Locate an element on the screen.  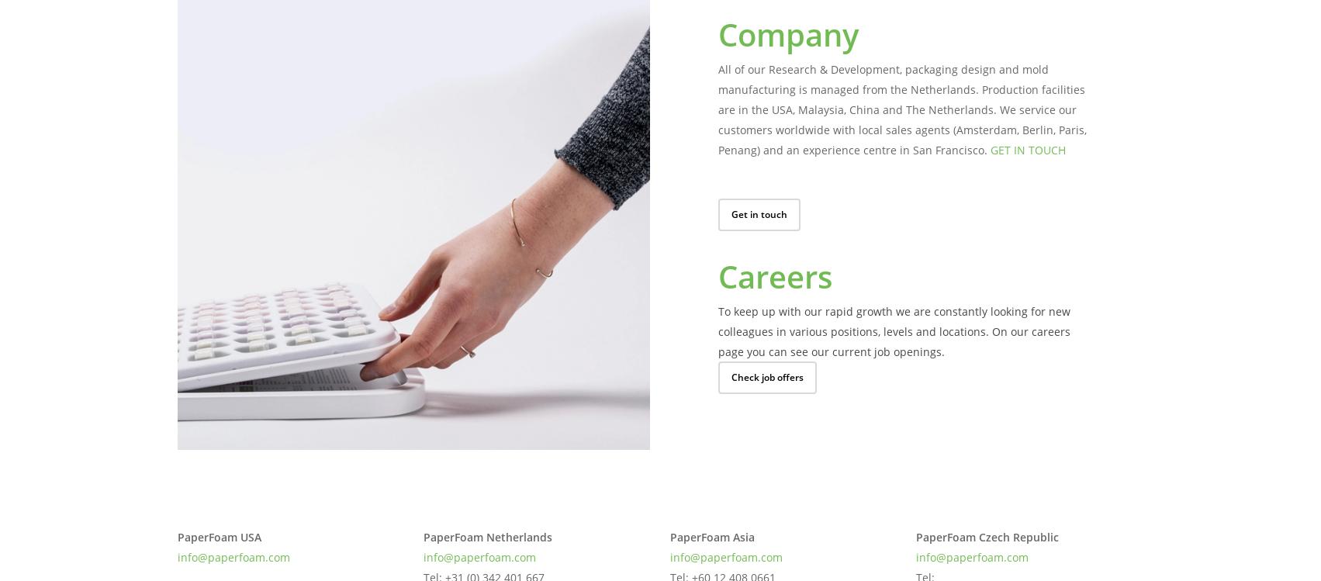
'Get in touch' is located at coordinates (759, 213).